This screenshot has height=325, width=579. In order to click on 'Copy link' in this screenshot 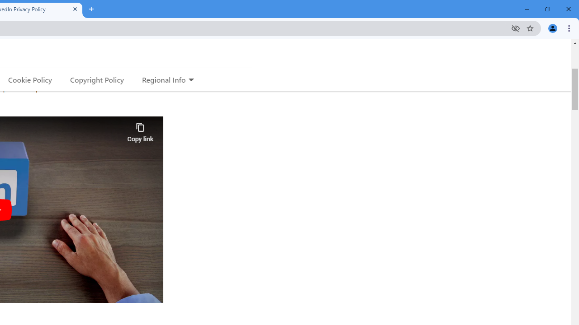, I will do `click(140, 130)`.